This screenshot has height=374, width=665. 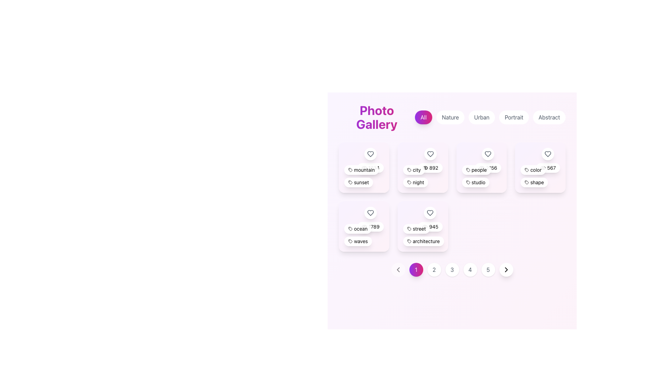 What do you see at coordinates (533, 170) in the screenshot?
I see `the tag component with the text 'color' in bold black, located in the upper-right corner of the box categorized as 'color' and 'shape'` at bounding box center [533, 170].